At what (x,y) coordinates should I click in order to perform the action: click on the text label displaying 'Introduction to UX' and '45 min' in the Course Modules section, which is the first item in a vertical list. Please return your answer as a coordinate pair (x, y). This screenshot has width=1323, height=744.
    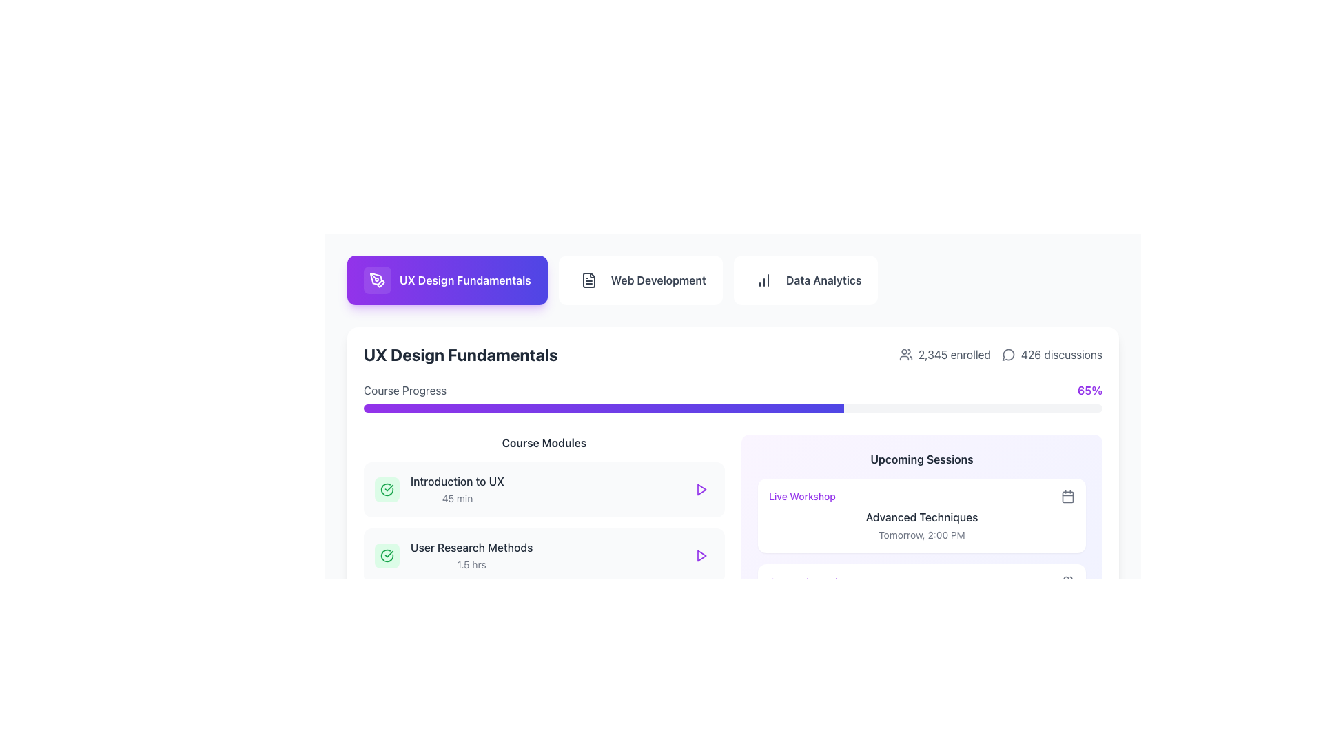
    Looking at the image, I should click on (457, 488).